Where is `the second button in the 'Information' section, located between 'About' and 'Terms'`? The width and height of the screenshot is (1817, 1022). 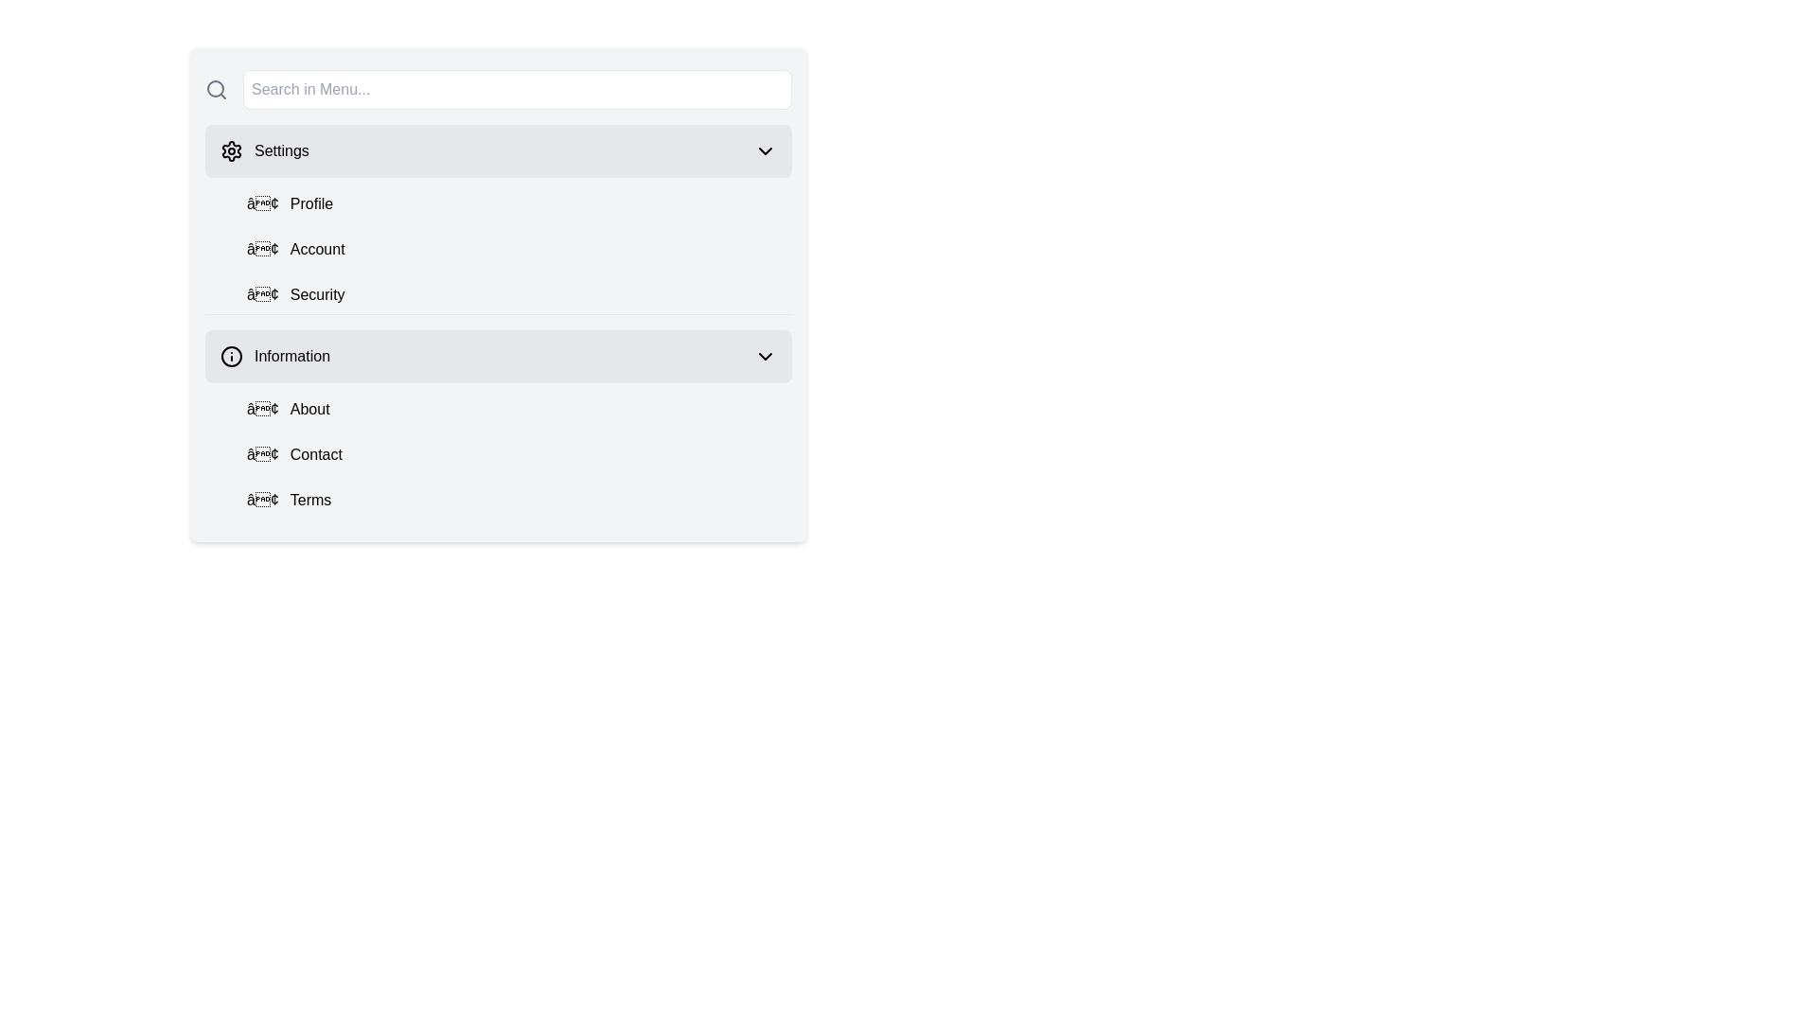
the second button in the 'Information' section, located between 'About' and 'Terms' is located at coordinates (499, 455).